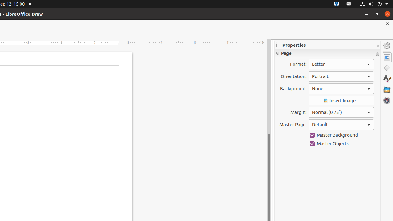  What do you see at coordinates (377, 45) in the screenshot?
I see `'Close Sidebar Deck'` at bounding box center [377, 45].